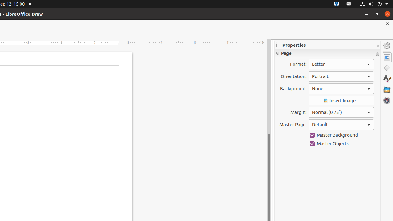  What do you see at coordinates (377, 45) in the screenshot?
I see `'Close Sidebar Deck'` at bounding box center [377, 45].